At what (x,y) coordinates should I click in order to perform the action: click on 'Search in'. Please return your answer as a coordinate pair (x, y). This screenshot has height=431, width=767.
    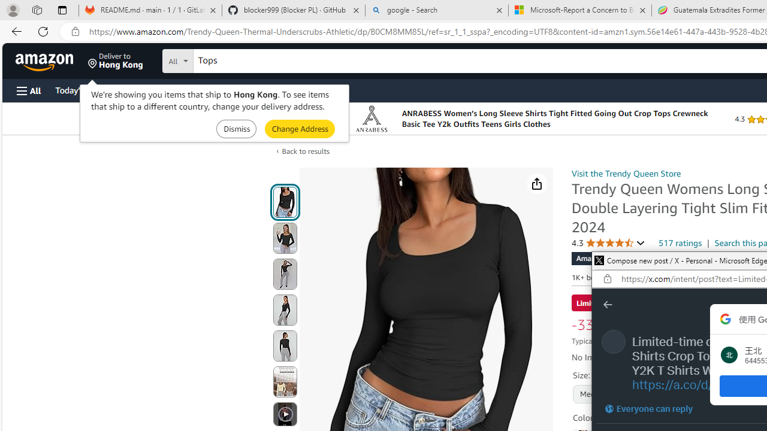
    Looking at the image, I should click on (222, 59).